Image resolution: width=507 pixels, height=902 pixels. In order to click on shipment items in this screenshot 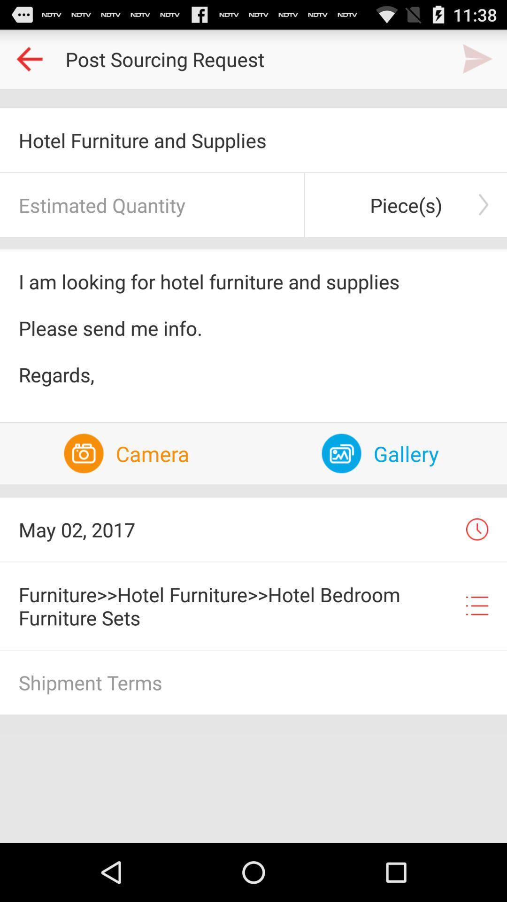, I will do `click(253, 682)`.